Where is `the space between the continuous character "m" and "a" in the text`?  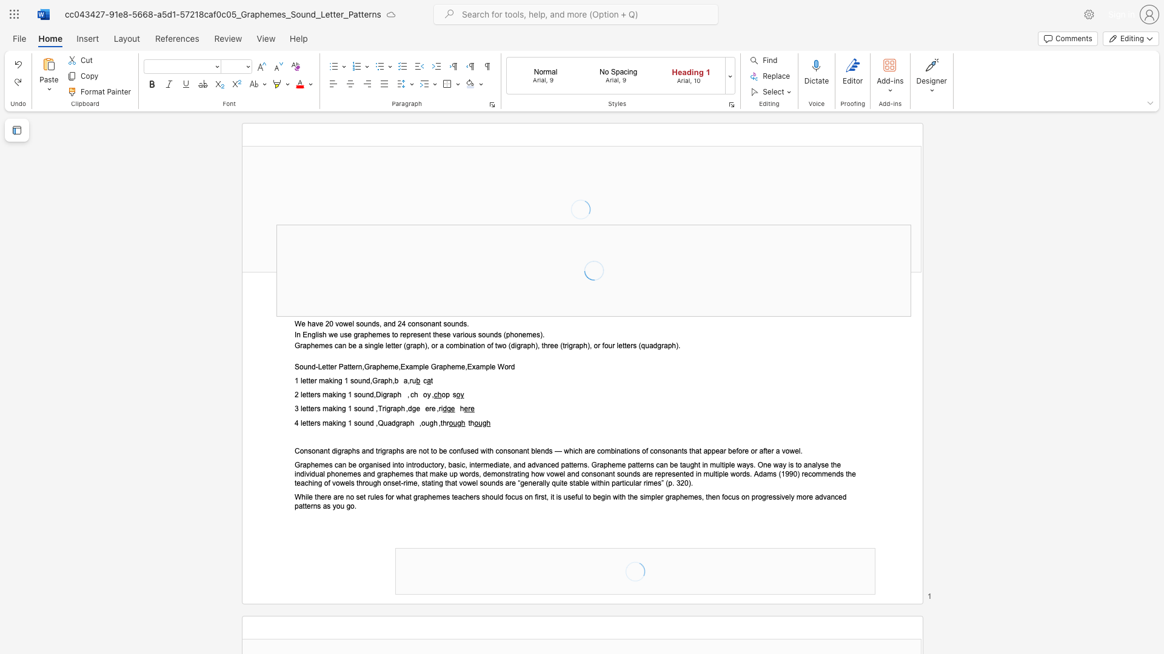 the space between the continuous character "m" and "a" in the text is located at coordinates (328, 422).